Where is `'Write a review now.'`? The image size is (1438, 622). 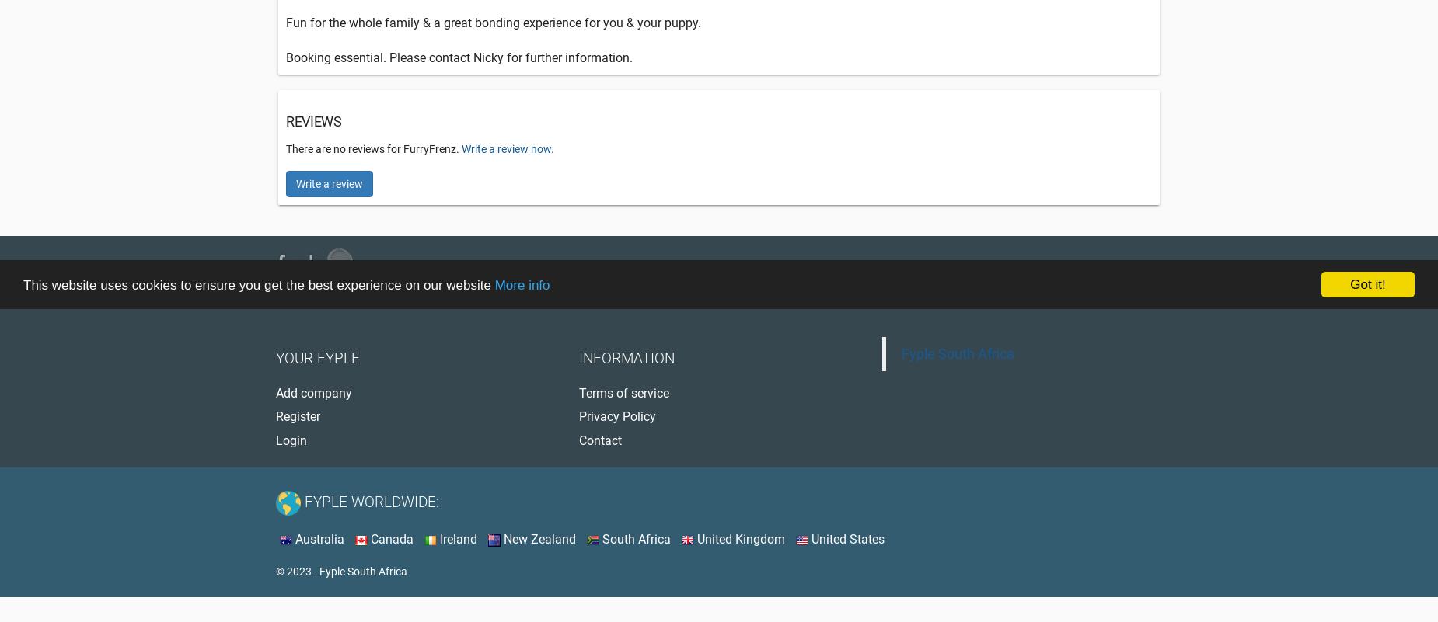
'Write a review now.' is located at coordinates (508, 148).